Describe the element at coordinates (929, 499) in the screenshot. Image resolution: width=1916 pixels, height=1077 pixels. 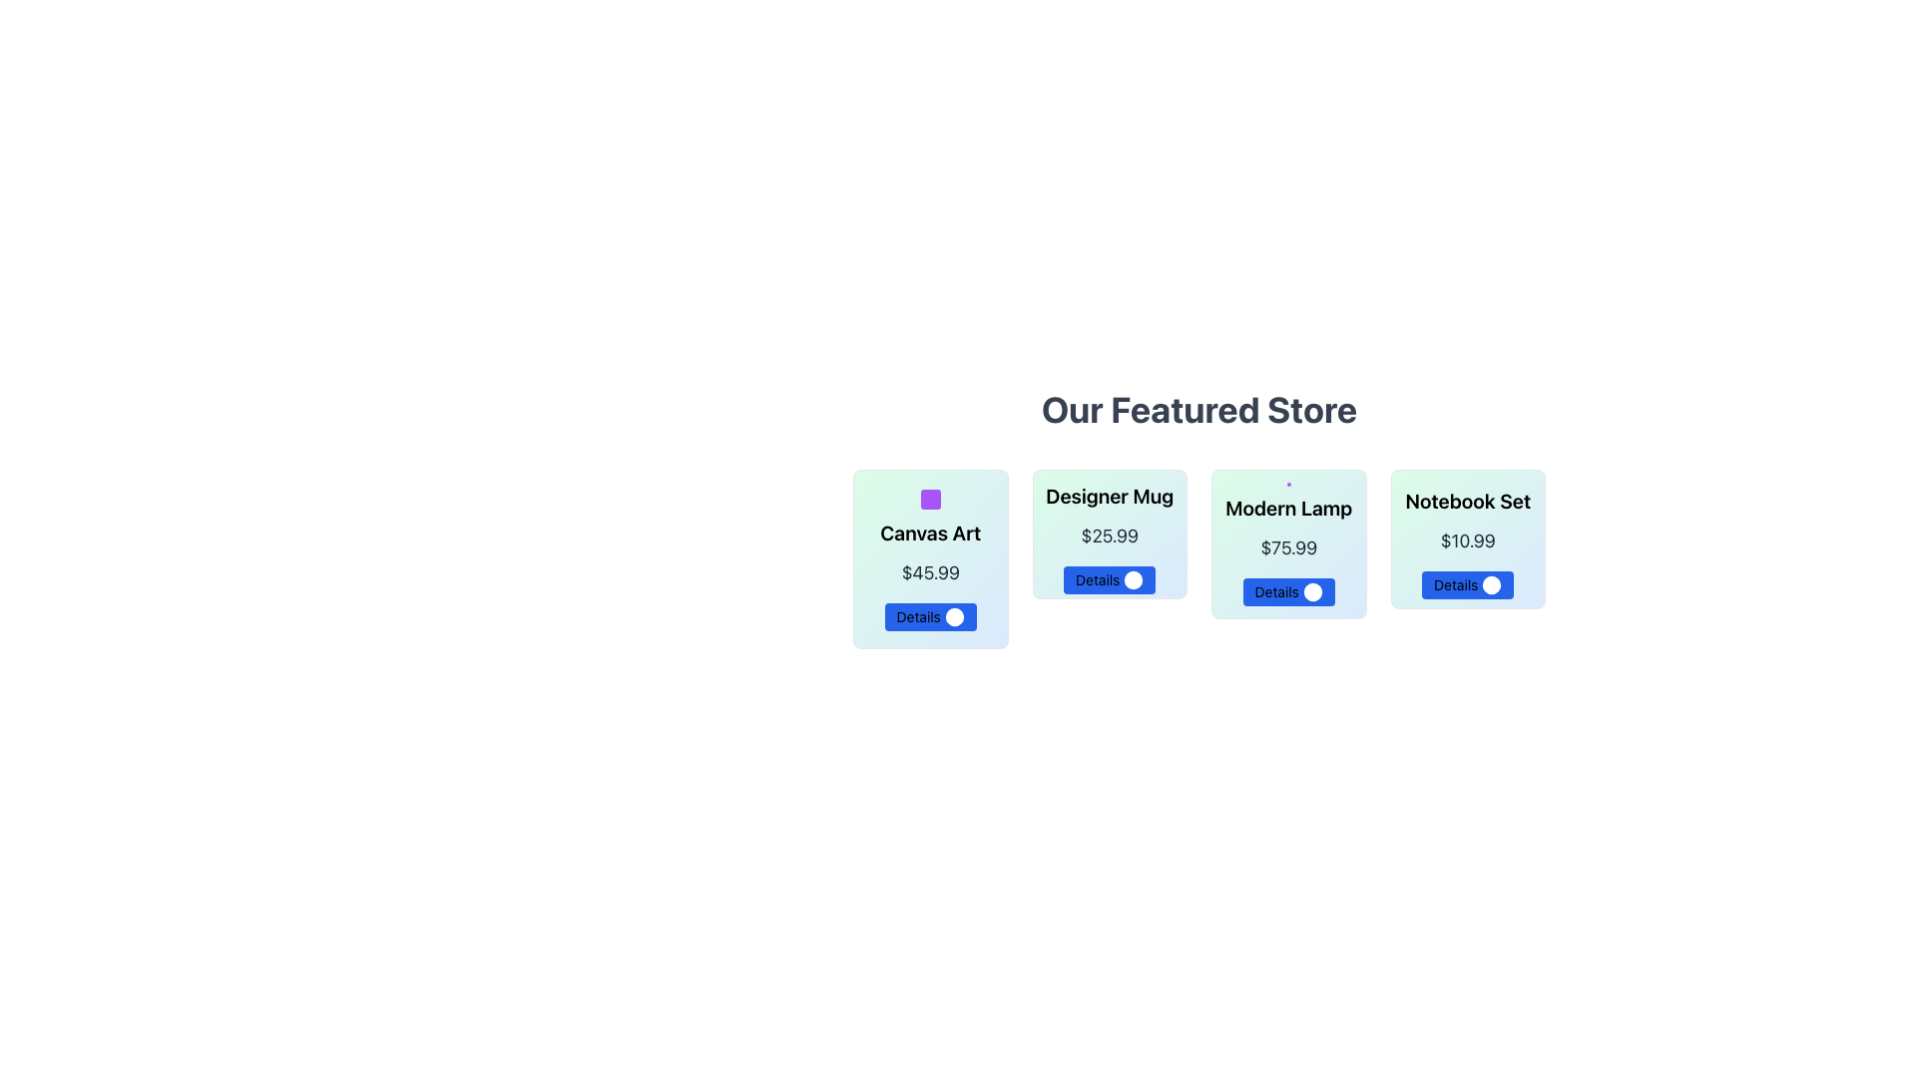
I see `the SVG graphical element located at the top-center of the 'Canvas Art' card in the 'Our Featured Store' section` at that location.